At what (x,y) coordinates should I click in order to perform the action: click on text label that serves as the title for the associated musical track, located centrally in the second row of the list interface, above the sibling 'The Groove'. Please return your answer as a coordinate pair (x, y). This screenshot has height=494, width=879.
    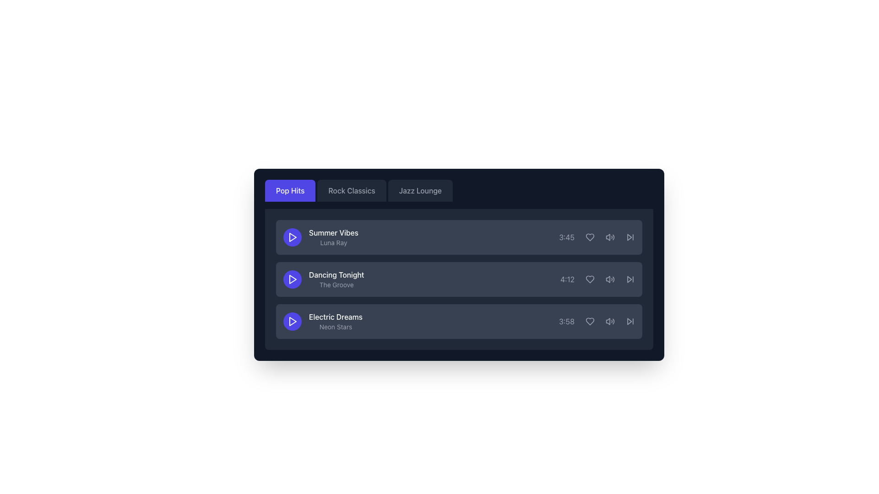
    Looking at the image, I should click on (336, 274).